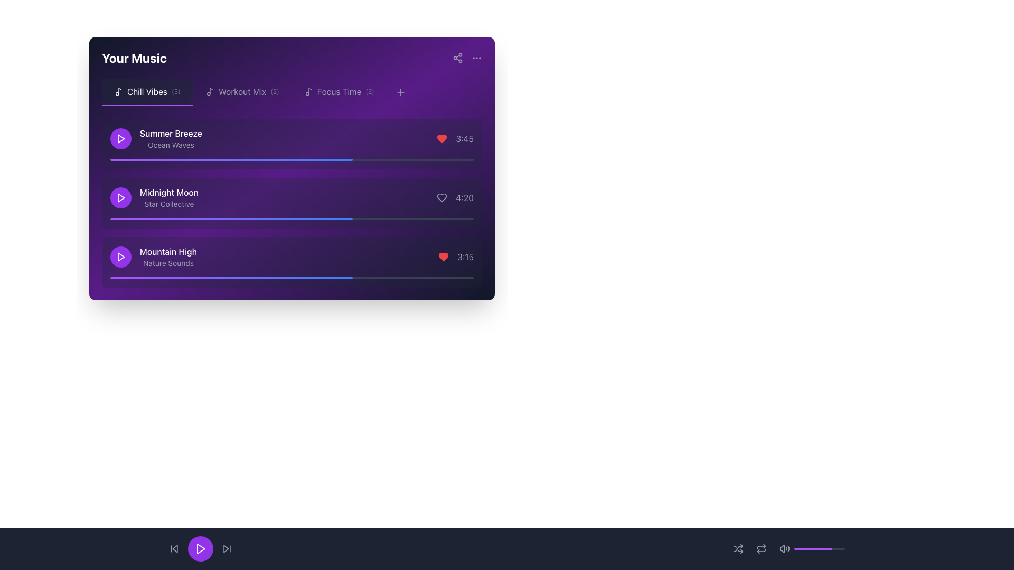 The image size is (1014, 570). Describe the element at coordinates (444, 160) in the screenshot. I see `progress` at that location.